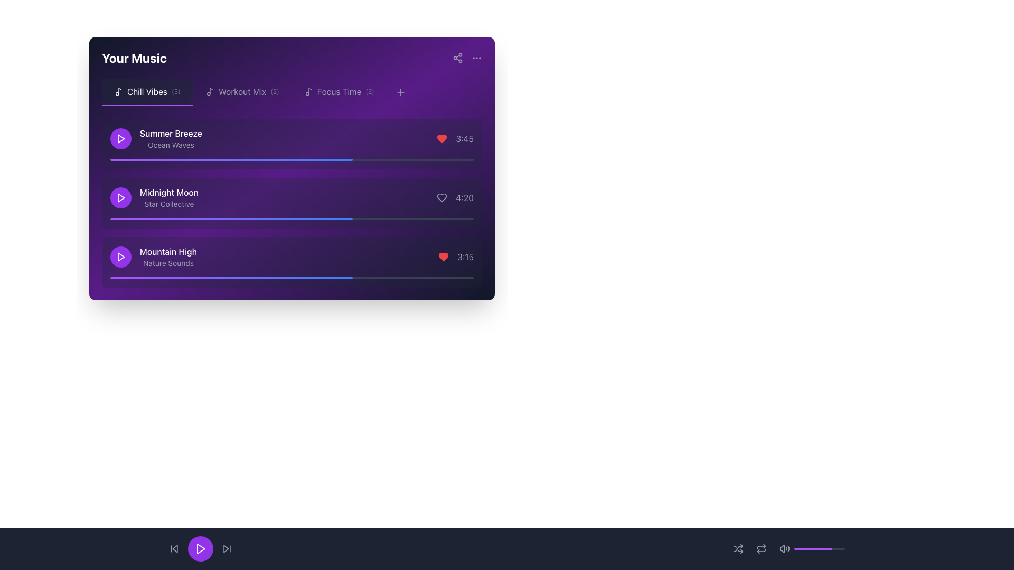 The image size is (1014, 570). Describe the element at coordinates (444, 160) in the screenshot. I see `progress` at that location.